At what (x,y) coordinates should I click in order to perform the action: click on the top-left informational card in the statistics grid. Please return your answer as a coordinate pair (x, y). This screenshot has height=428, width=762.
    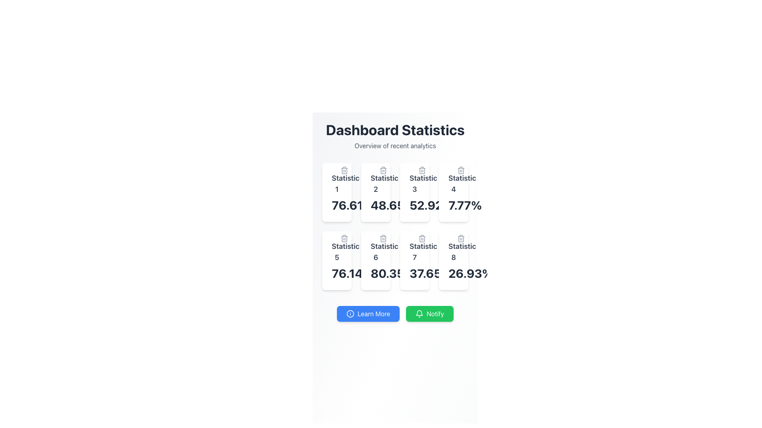
    Looking at the image, I should click on (337, 193).